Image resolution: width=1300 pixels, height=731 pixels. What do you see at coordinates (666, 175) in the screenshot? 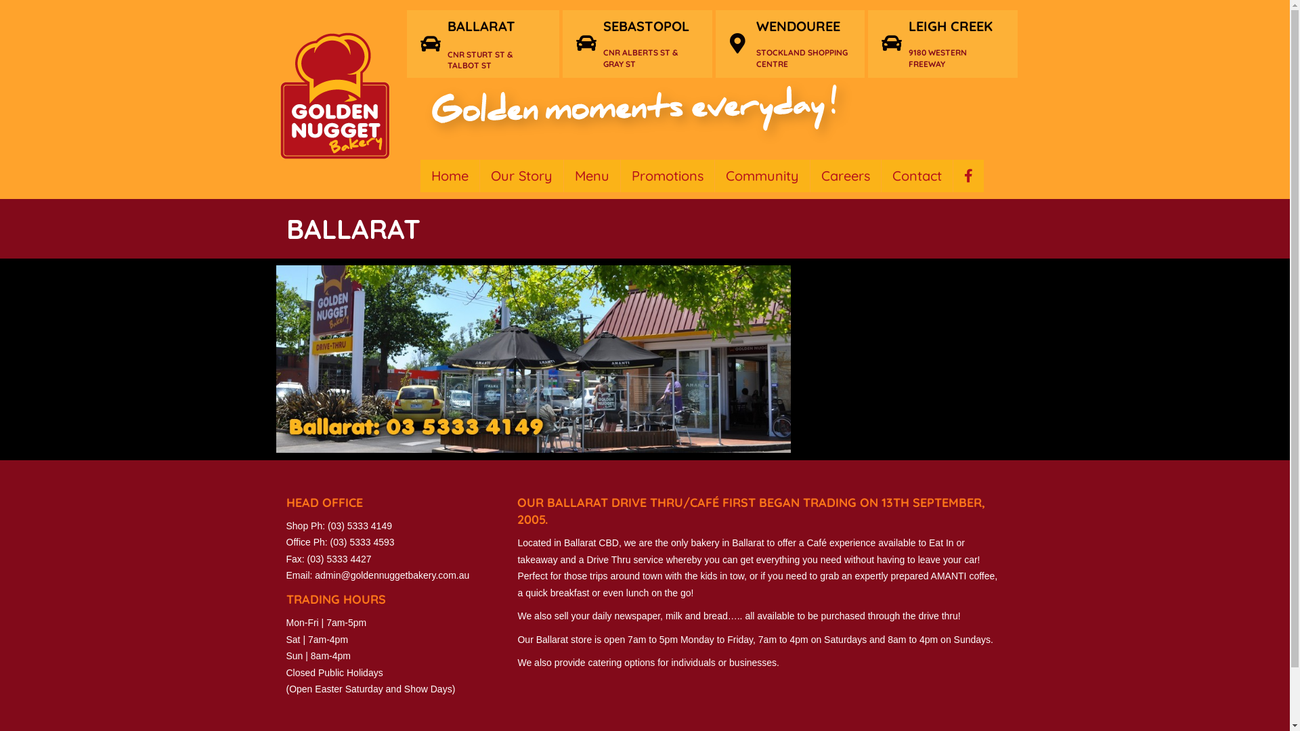
I see `'Promotions'` at bounding box center [666, 175].